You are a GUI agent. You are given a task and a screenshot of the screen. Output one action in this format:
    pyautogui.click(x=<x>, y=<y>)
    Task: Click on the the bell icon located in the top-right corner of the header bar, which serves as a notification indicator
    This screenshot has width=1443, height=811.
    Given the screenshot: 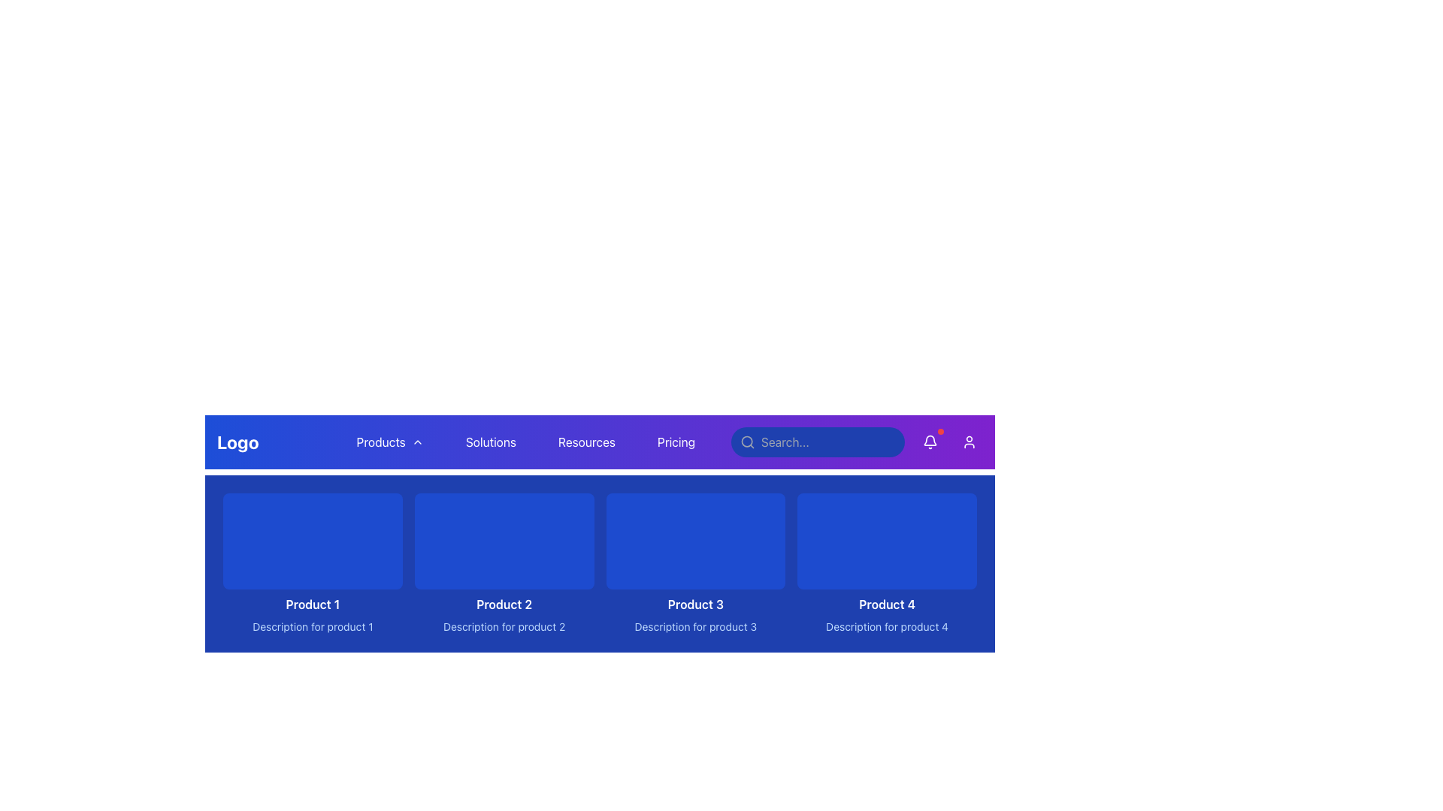 What is the action you would take?
    pyautogui.click(x=930, y=439)
    